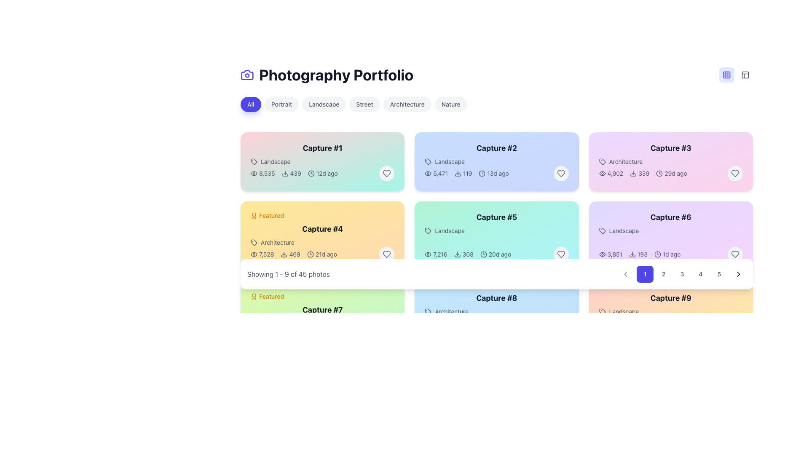  What do you see at coordinates (322, 229) in the screenshot?
I see `the Text Label displaying 'Featured' and 'Architecture', located in the middle row, second column of a 3x3 grid with a yellow-orange background` at bounding box center [322, 229].